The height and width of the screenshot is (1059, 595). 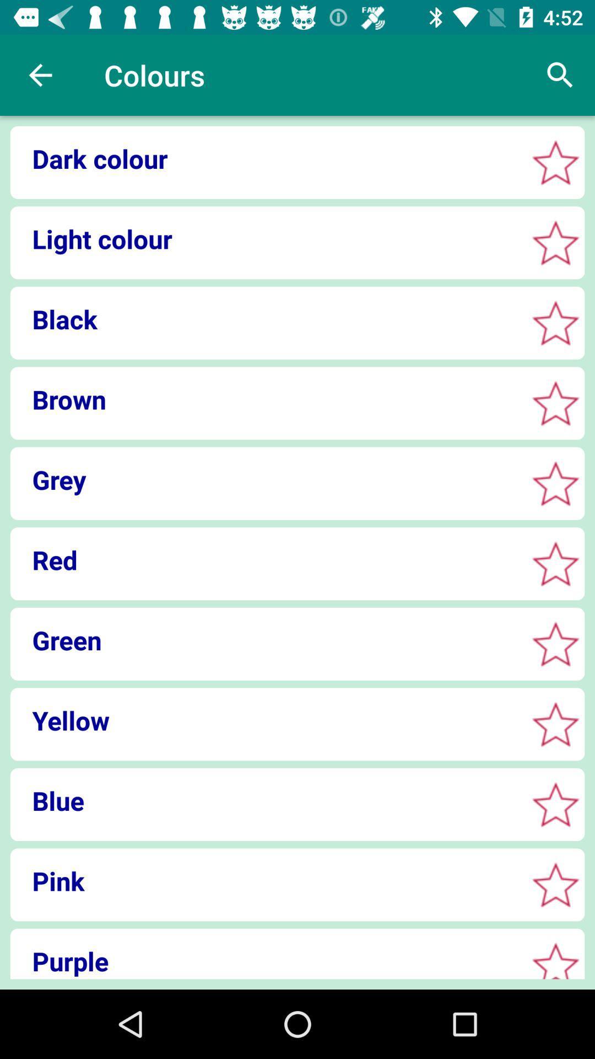 What do you see at coordinates (555, 322) in the screenshot?
I see `black` at bounding box center [555, 322].